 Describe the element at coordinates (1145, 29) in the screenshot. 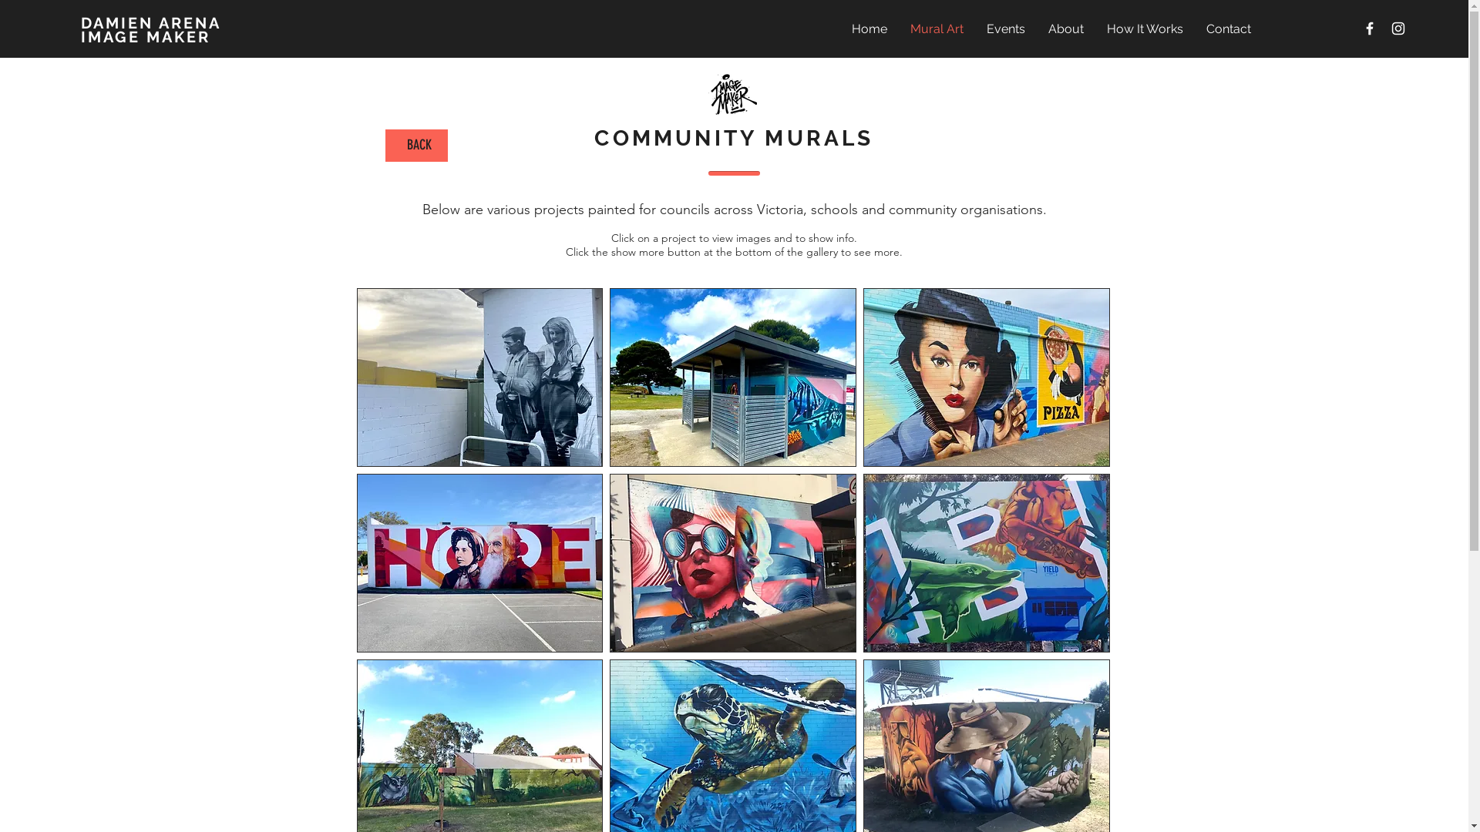

I see `'How It Works'` at that location.